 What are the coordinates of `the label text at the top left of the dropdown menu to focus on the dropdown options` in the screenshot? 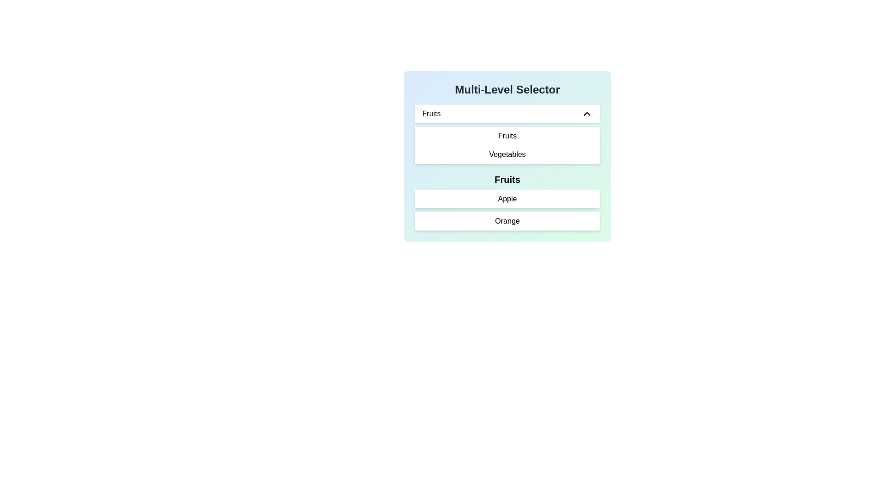 It's located at (431, 113).